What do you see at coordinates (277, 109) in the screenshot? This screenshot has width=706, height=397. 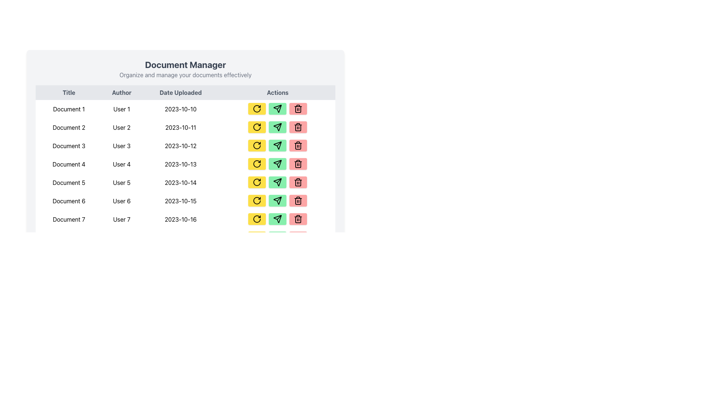 I see `the 'Send' button located in the 'Actions' column of the table, which is centrally positioned between the yellow 'Refresh' button and the red 'Delete' button for 'Document 1'` at bounding box center [277, 109].